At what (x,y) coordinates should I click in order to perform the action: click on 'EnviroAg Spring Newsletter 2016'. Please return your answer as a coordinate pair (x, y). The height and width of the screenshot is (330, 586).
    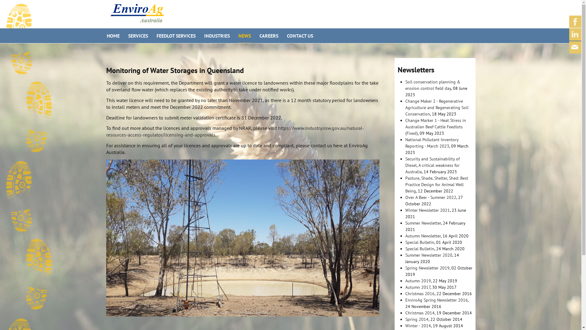
    Looking at the image, I should click on (436, 300).